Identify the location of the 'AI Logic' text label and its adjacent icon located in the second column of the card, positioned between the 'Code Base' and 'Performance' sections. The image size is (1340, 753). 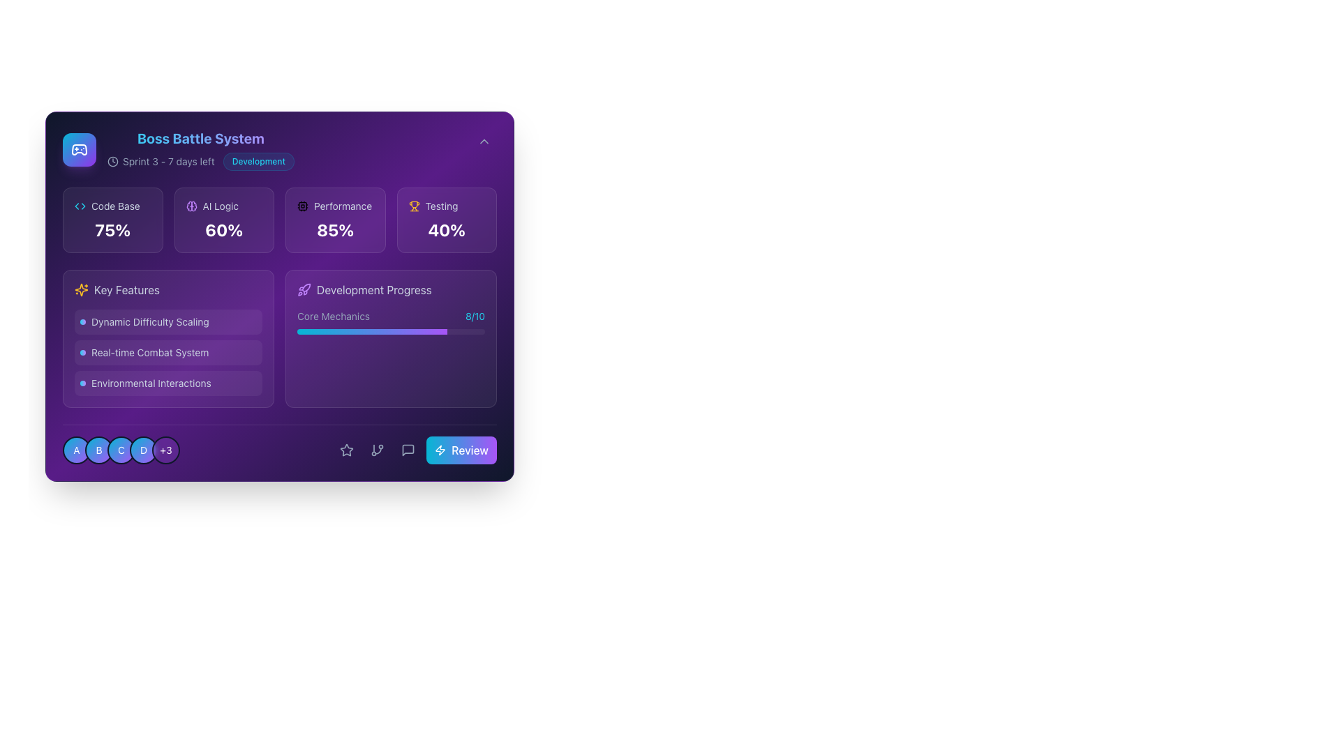
(224, 206).